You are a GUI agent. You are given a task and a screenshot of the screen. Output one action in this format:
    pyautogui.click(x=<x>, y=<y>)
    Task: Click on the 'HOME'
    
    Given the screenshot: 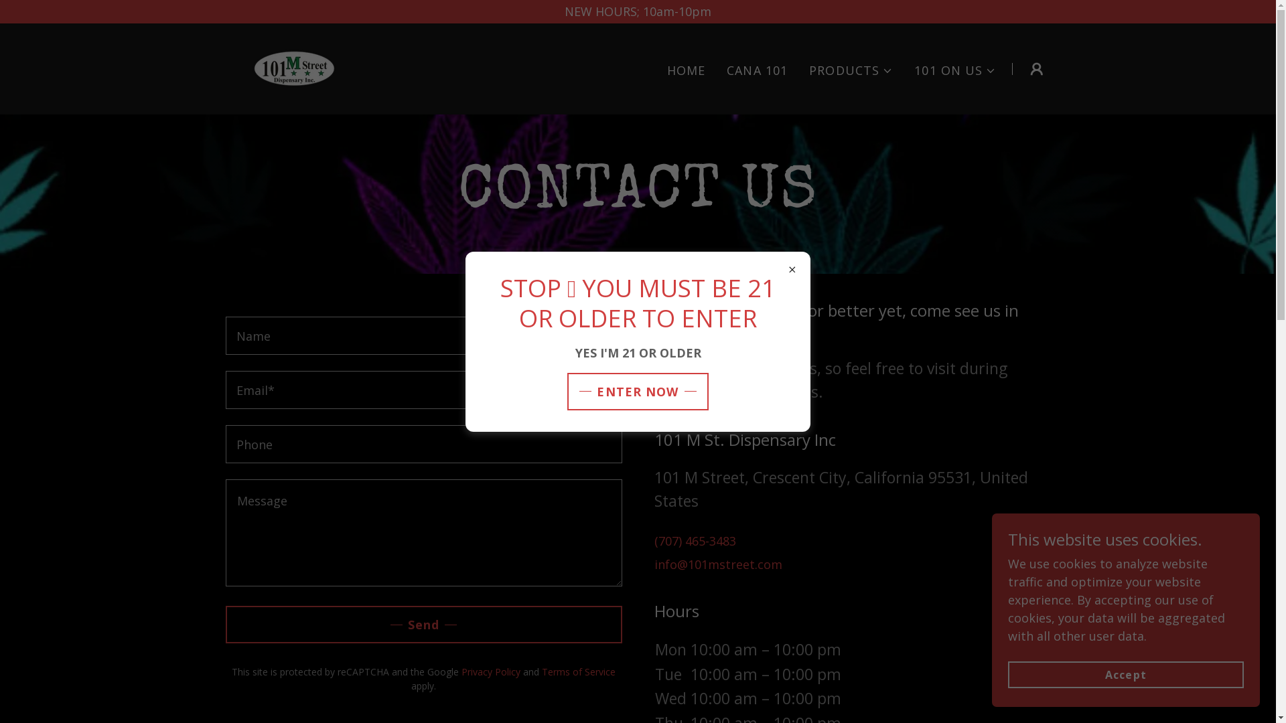 What is the action you would take?
    pyautogui.click(x=687, y=70)
    